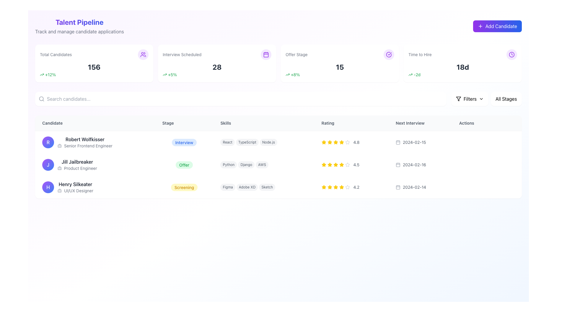 The image size is (567, 319). Describe the element at coordinates (143, 55) in the screenshot. I see `the icon that visually represents the total number of candidates, located in the top center of the interface next to the count number and label` at that location.